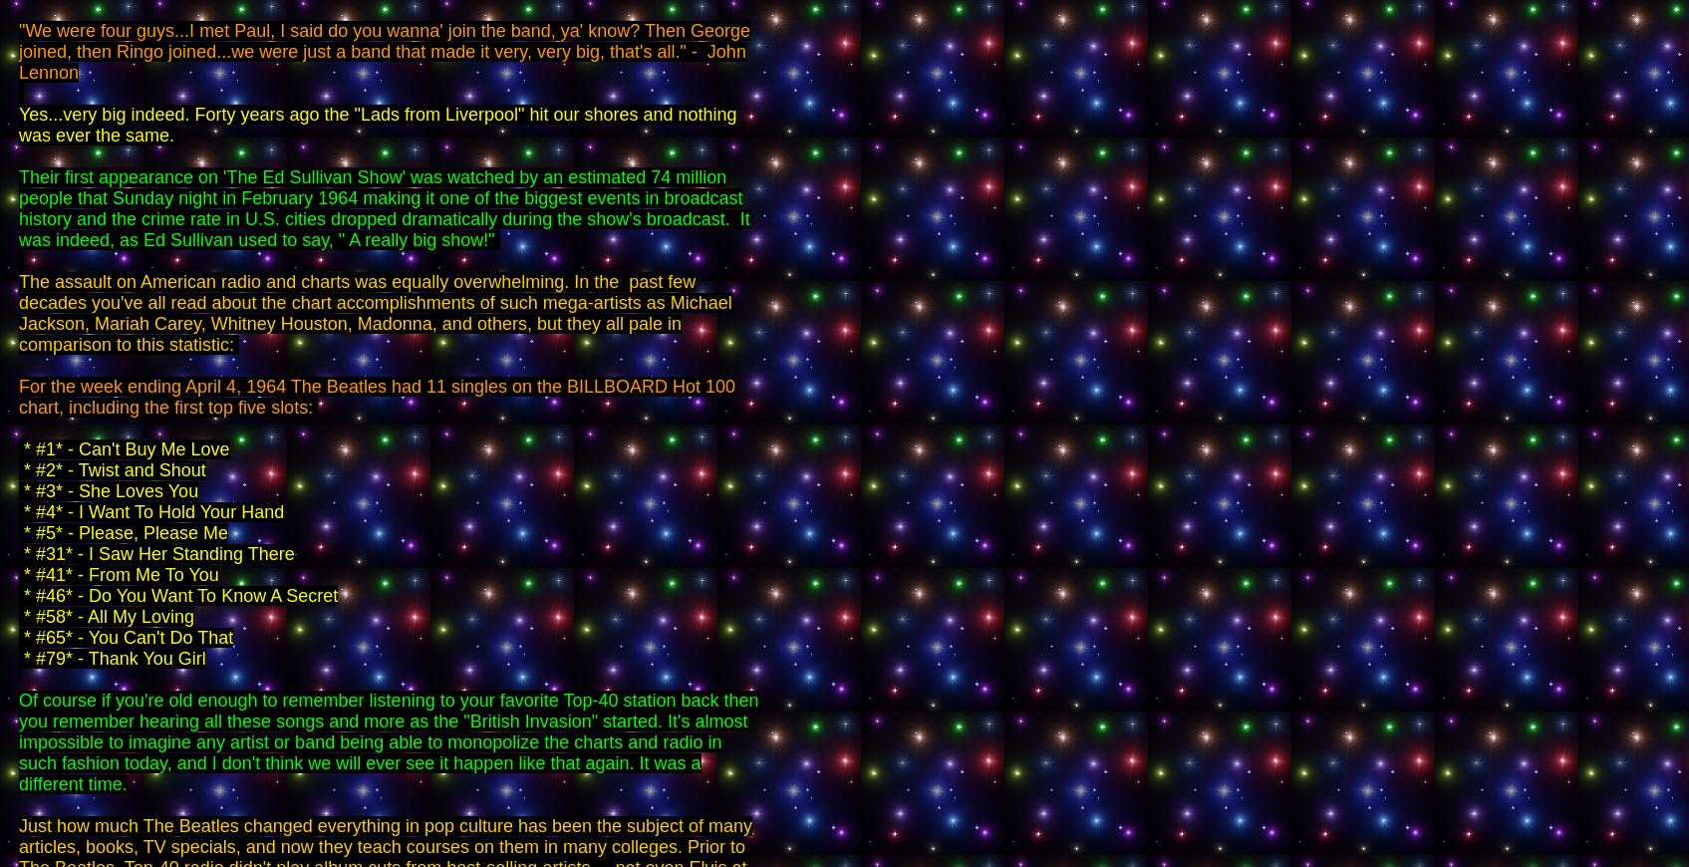  What do you see at coordinates (388, 741) in the screenshot?
I see `'Of course if you're old enough to remember listening
                           to your favorite Top-40 station back then you remember hearing all these songs and more as the "British Invasion"
                           started. It's almost impossible to imagine any artist or band being able to monopolize the charts and radio in such fashion
                           today, and I don't think we will ever see it happen like that again. It was a different time.'` at bounding box center [388, 741].